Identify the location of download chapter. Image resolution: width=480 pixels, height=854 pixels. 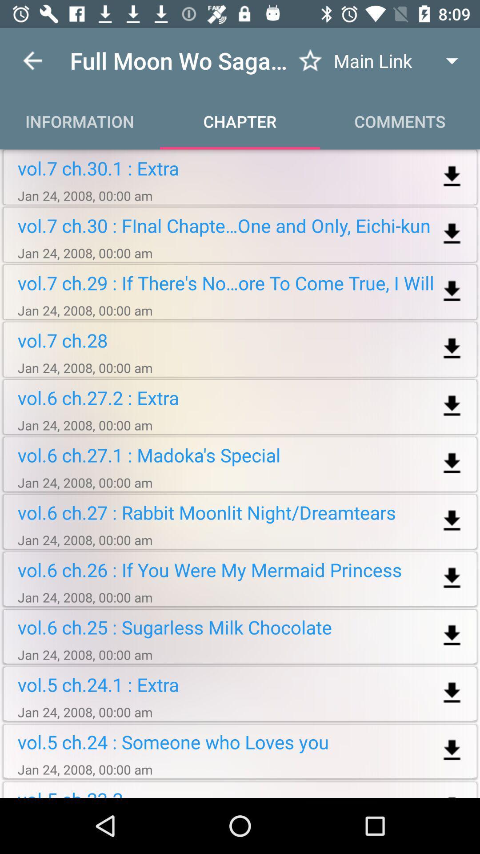
(452, 521).